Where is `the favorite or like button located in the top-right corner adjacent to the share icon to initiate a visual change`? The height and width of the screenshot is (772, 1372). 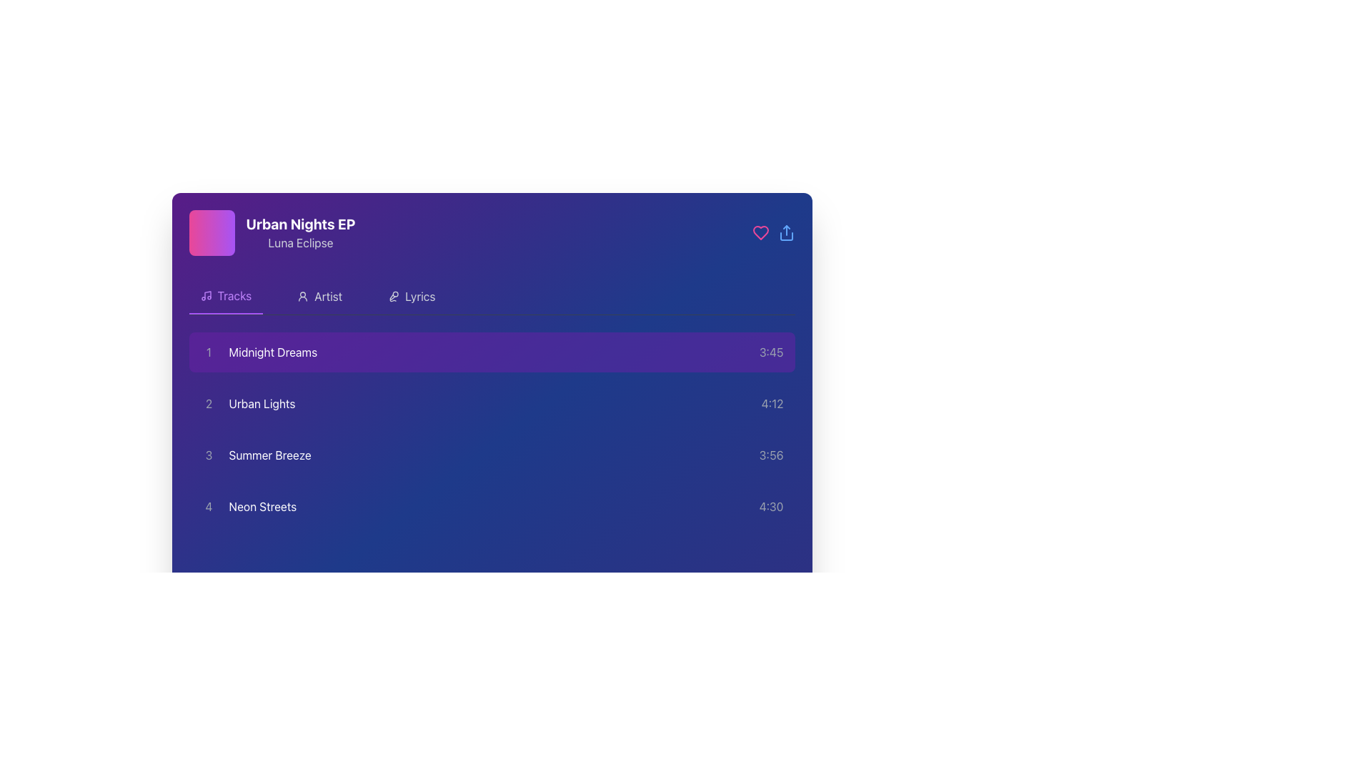 the favorite or like button located in the top-right corner adjacent to the share icon to initiate a visual change is located at coordinates (760, 232).